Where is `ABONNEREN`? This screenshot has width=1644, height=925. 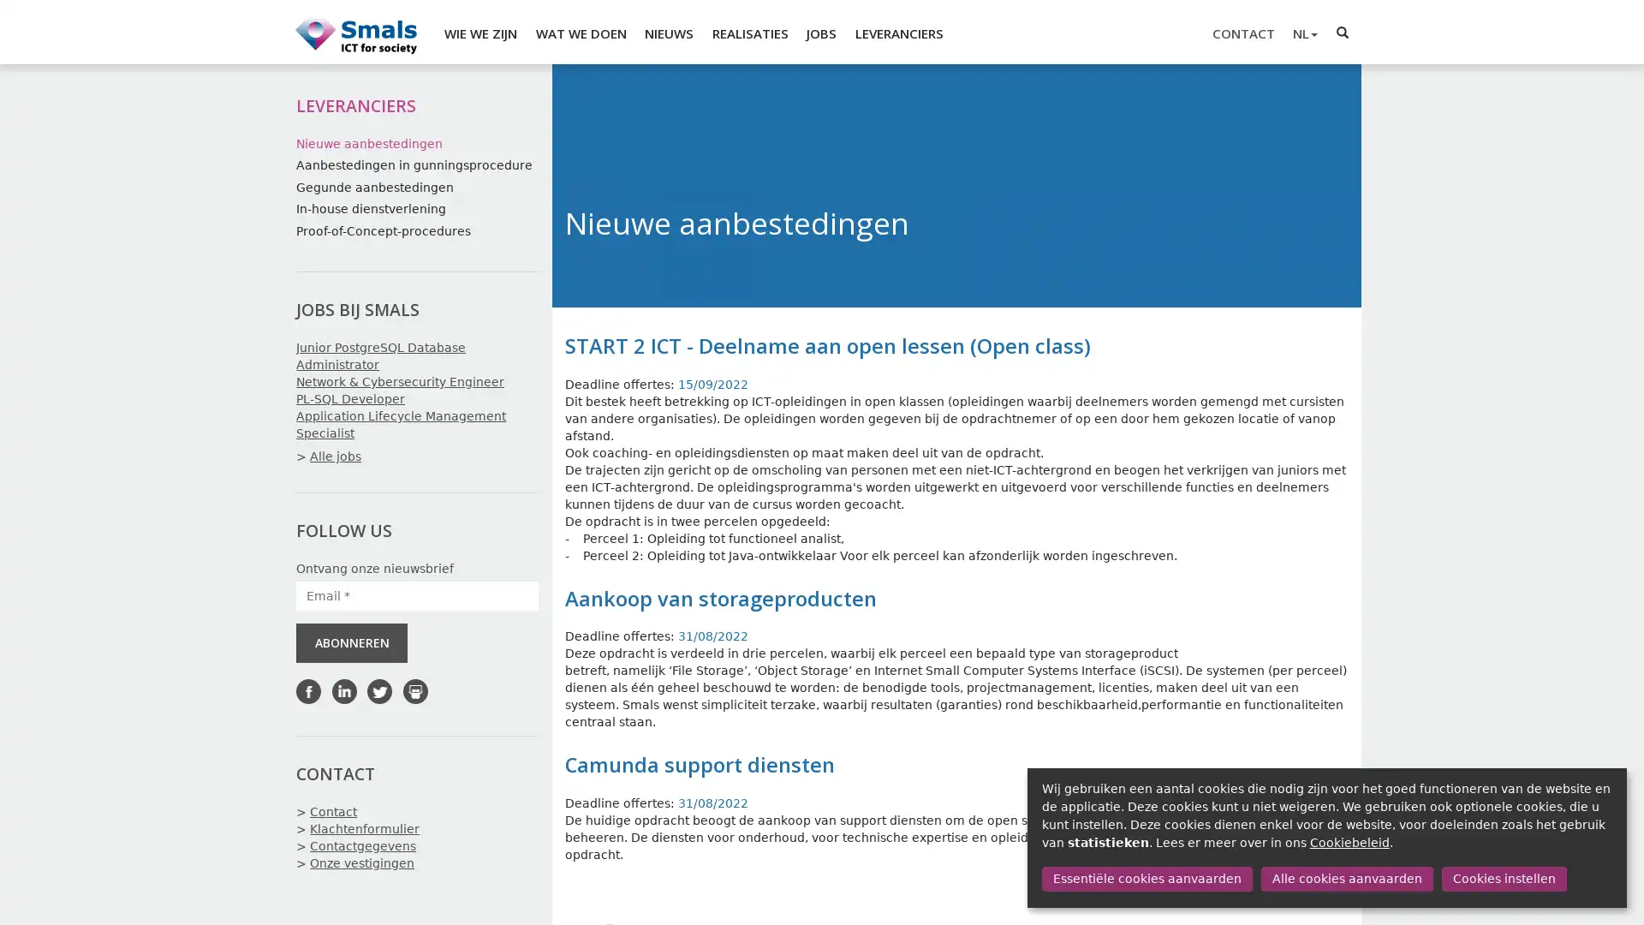
ABONNEREN is located at coordinates (351, 642).